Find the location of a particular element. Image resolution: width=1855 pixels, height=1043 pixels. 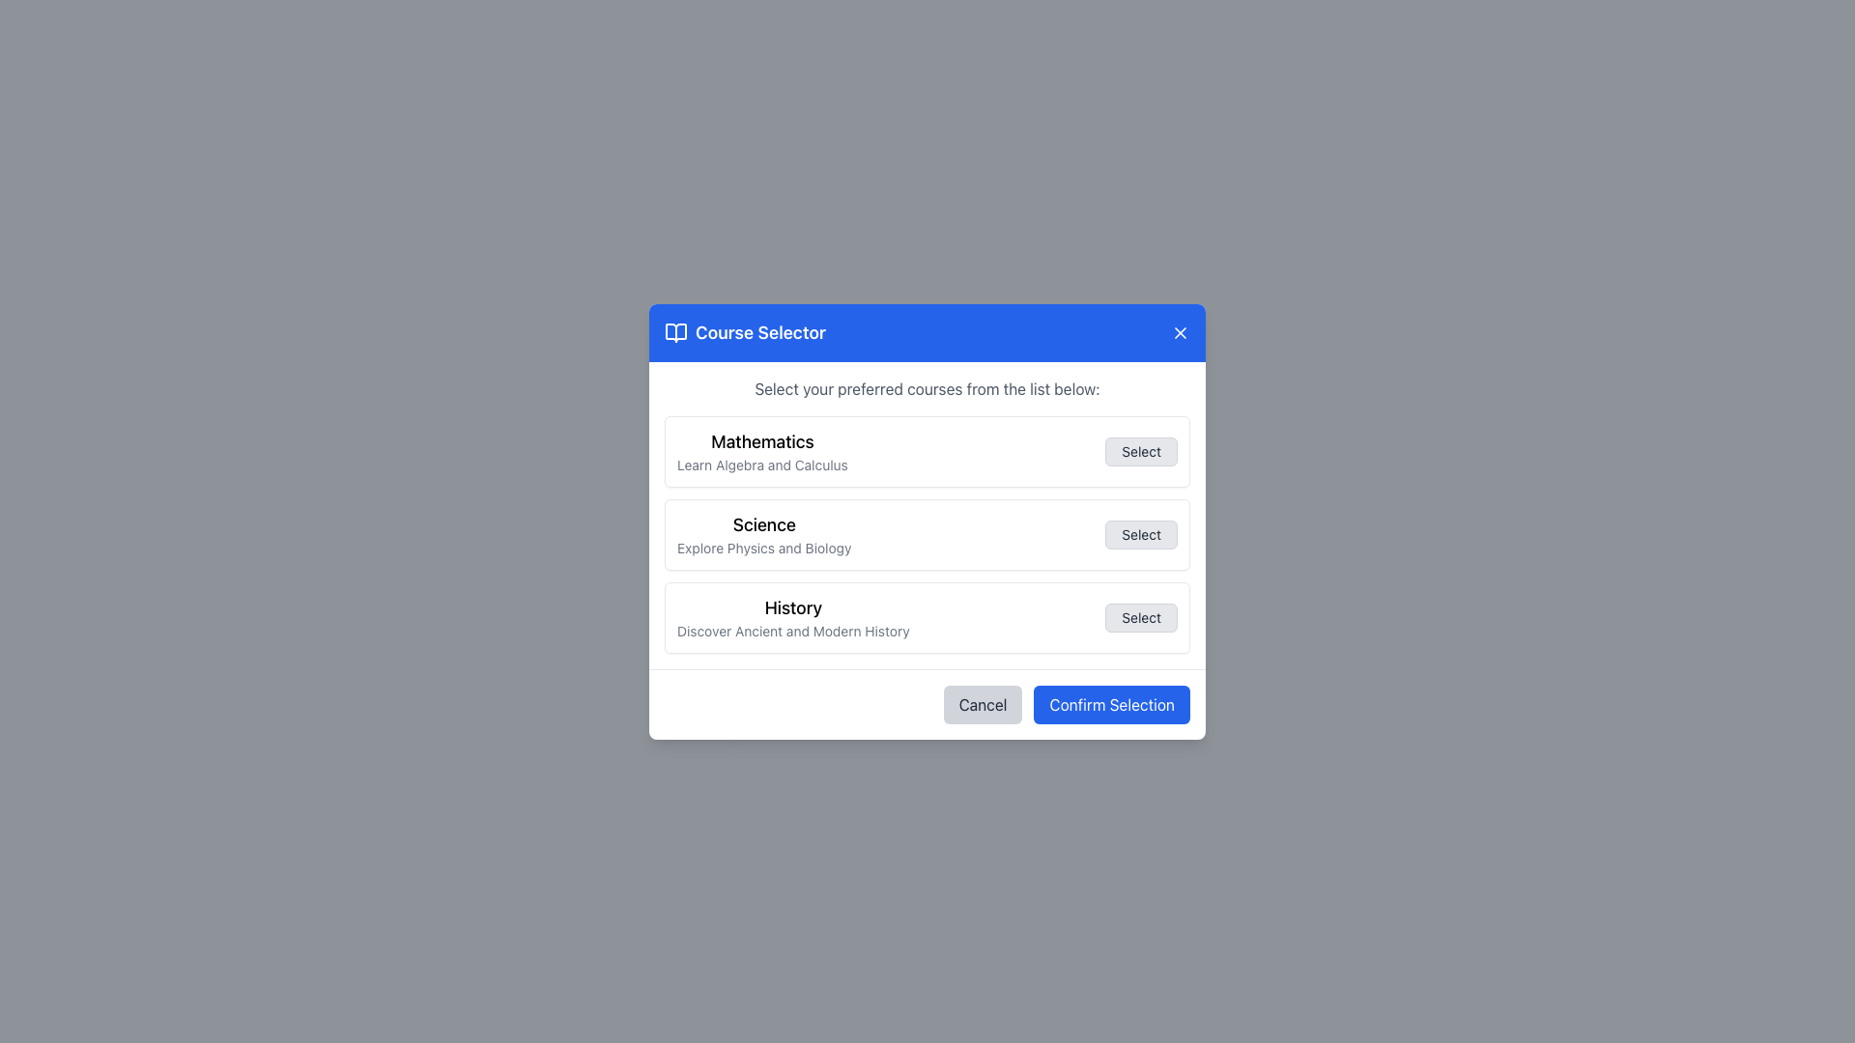

the book icon element located in the application header next to the 'Course Selector' text is located at coordinates (676, 331).